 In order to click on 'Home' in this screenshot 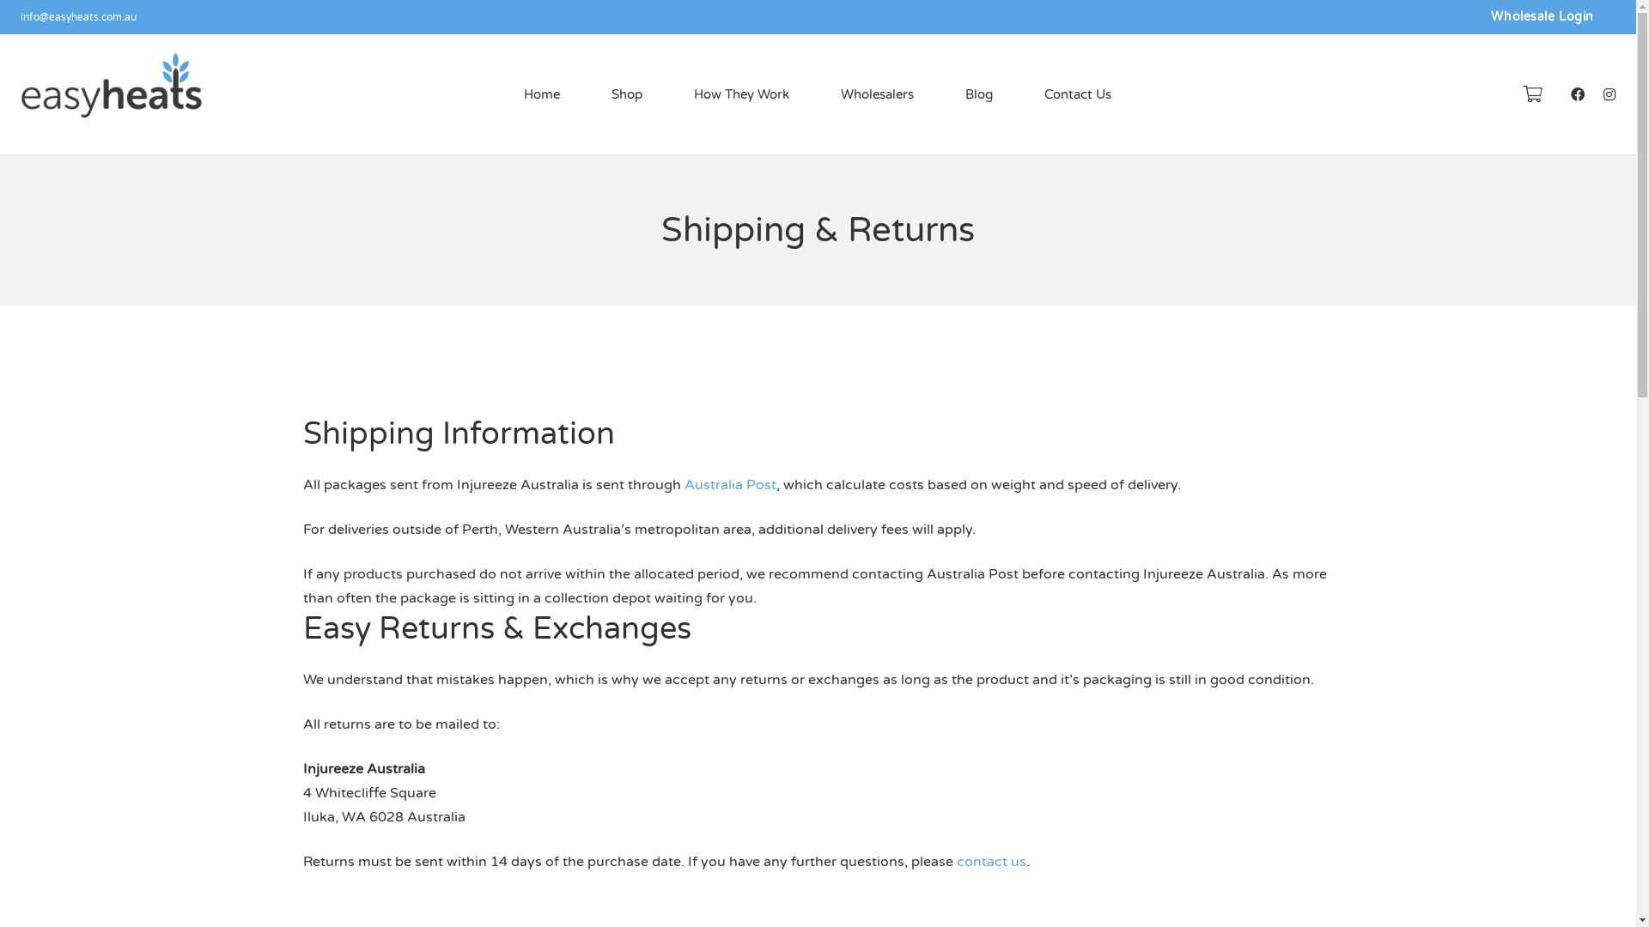, I will do `click(540, 94)`.